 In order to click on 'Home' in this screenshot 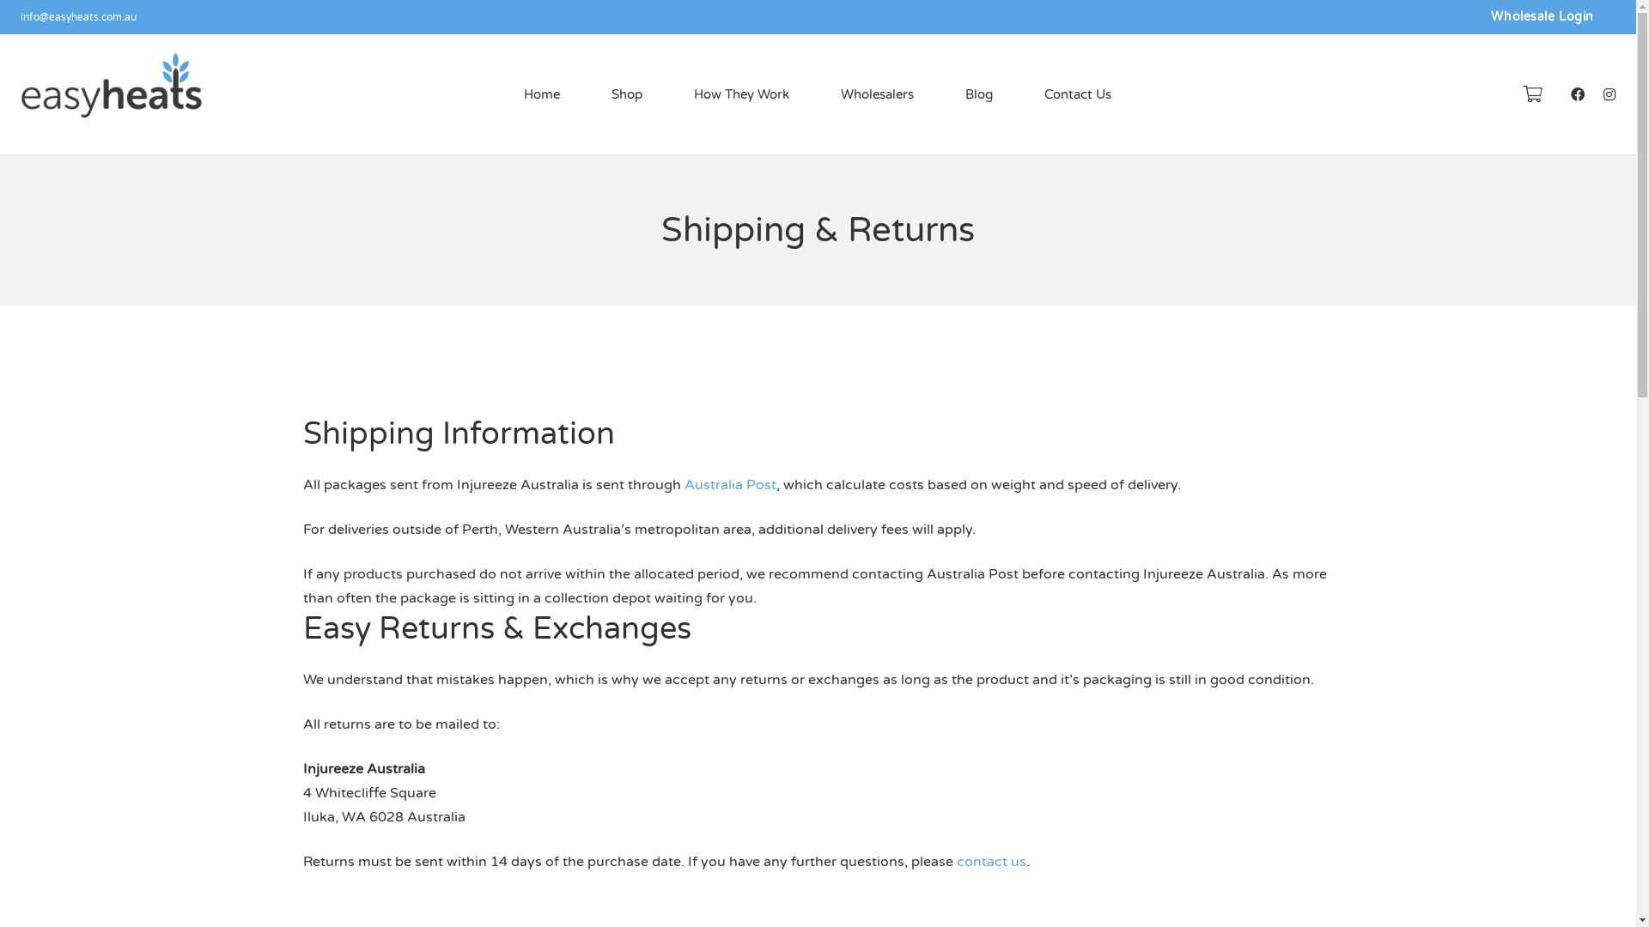, I will do `click(540, 94)`.